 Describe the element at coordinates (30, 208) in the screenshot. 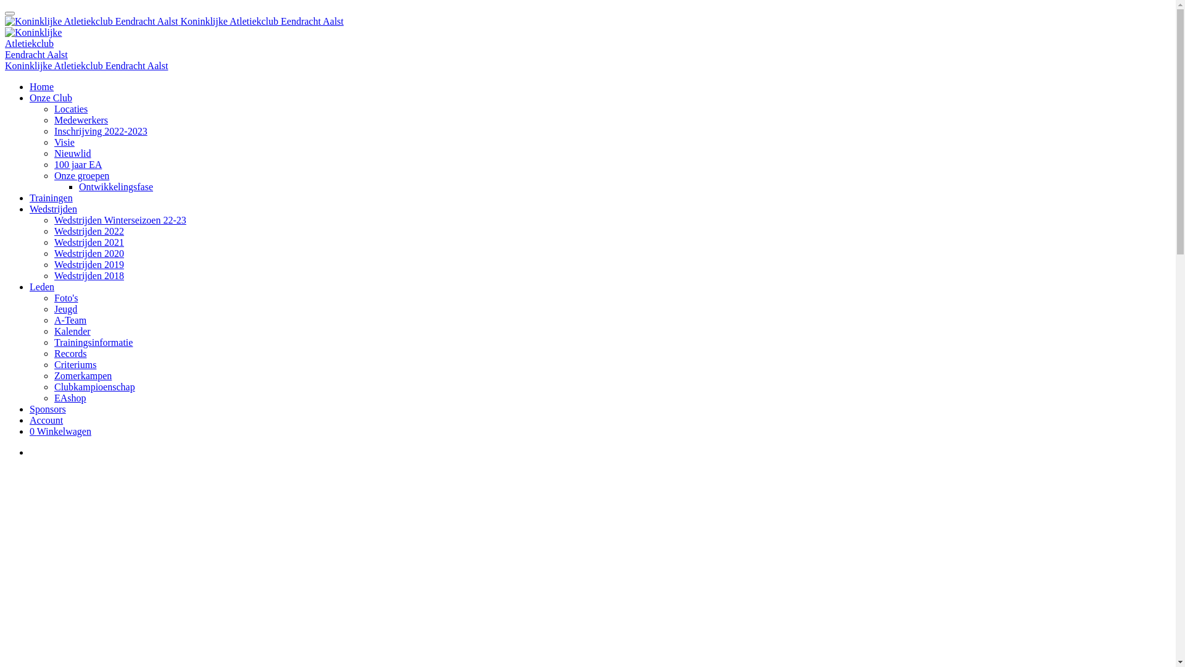

I see `'Wedstrijden'` at that location.